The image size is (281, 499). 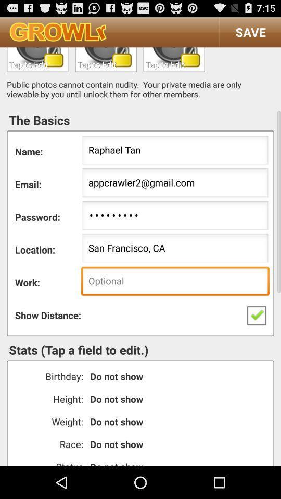 What do you see at coordinates (175, 282) in the screenshot?
I see `optional work information` at bounding box center [175, 282].